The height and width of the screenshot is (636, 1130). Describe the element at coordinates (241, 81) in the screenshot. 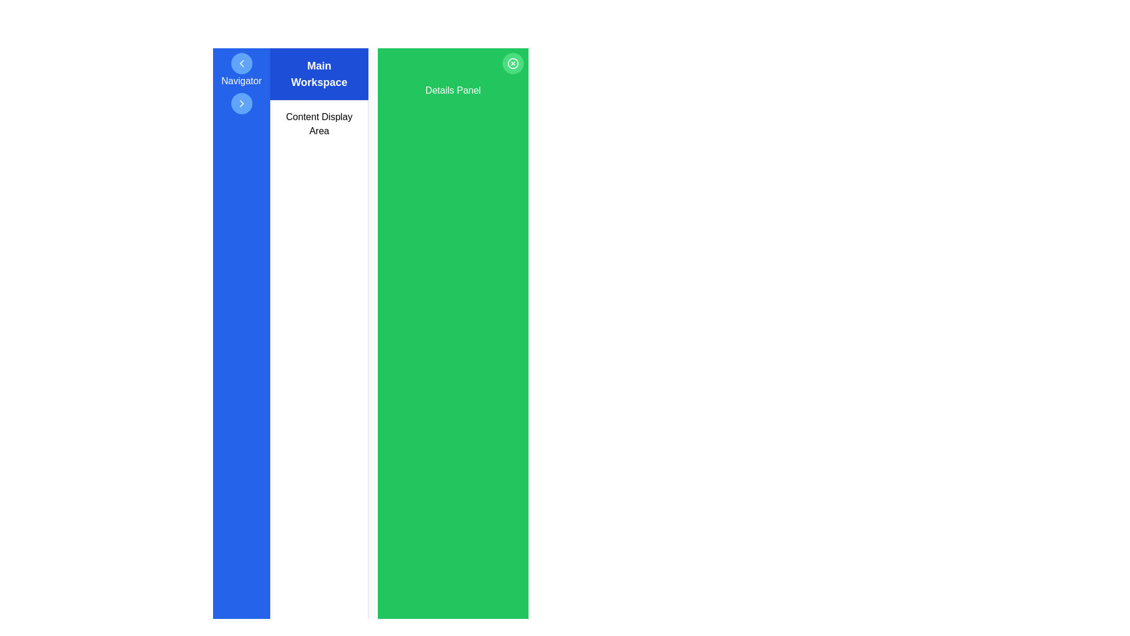

I see `the Static Text Label displaying 'Navigator' located in the blue sidebar on the far-left side of the interface` at that location.